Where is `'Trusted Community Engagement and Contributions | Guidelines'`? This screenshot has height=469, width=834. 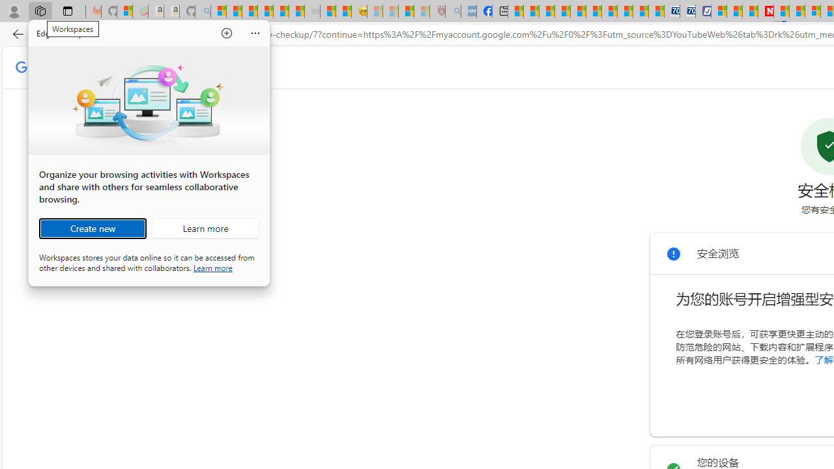
'Trusted Community Engagement and Contributions | Guidelines' is located at coordinates (781, 11).